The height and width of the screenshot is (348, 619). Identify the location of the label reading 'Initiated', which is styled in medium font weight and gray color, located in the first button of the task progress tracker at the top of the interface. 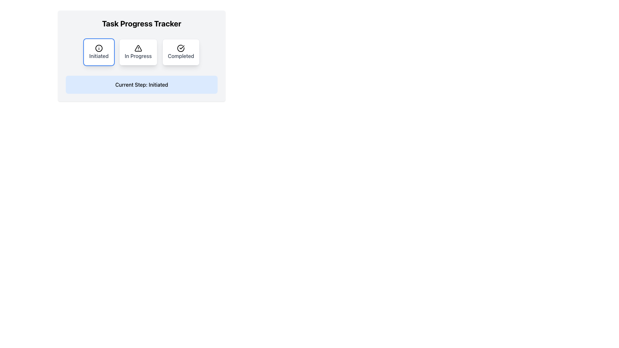
(99, 55).